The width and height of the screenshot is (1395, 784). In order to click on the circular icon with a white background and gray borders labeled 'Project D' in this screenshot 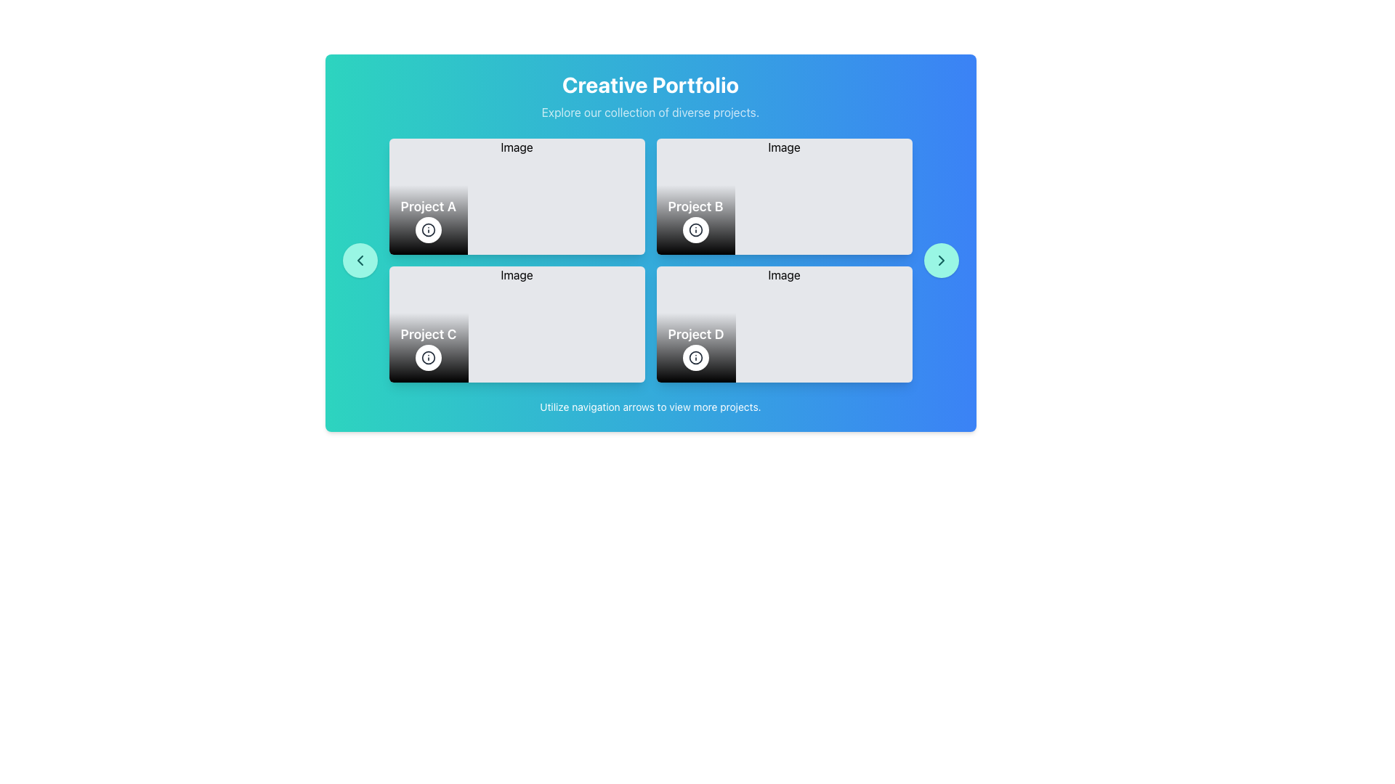, I will do `click(695, 358)`.